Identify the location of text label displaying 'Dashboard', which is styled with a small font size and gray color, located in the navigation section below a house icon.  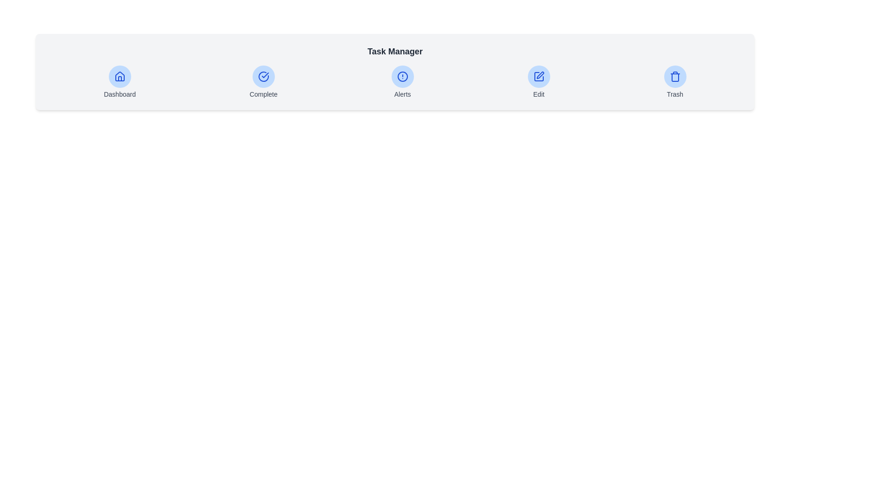
(119, 94).